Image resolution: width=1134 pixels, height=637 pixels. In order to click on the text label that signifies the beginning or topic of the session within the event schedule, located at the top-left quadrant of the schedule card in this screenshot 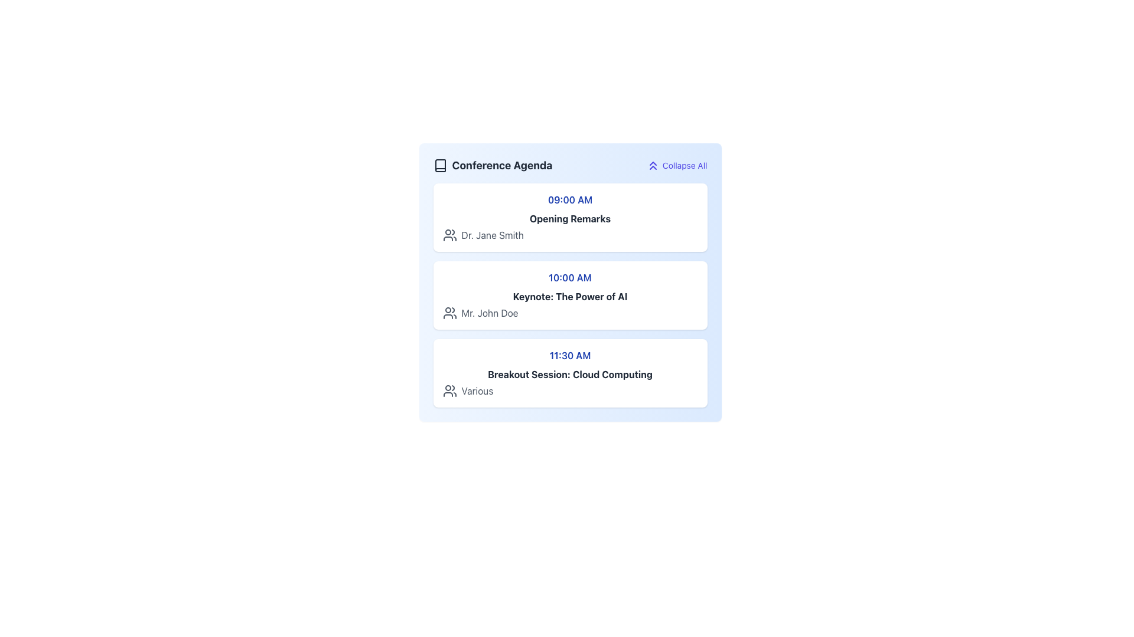, I will do `click(570, 218)`.